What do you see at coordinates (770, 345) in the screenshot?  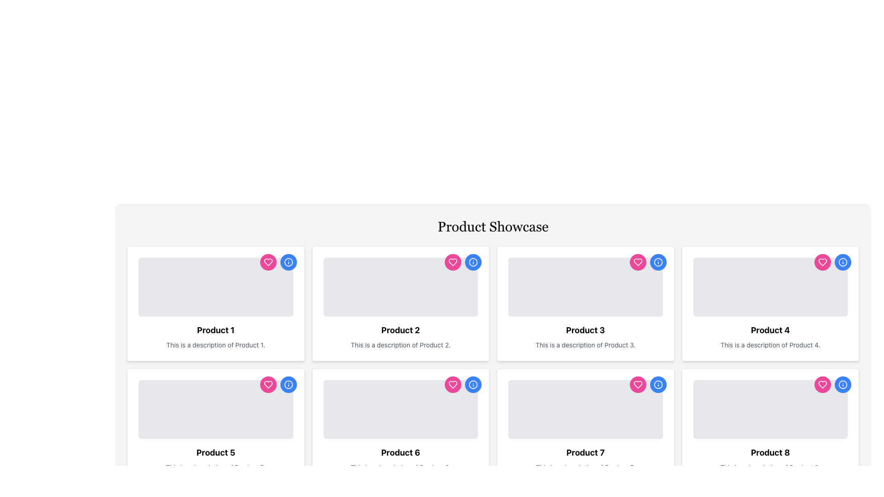 I see `the text label that reads 'This is a description of Product 4.' located under the heading 'Product 4' in the card layout` at bounding box center [770, 345].